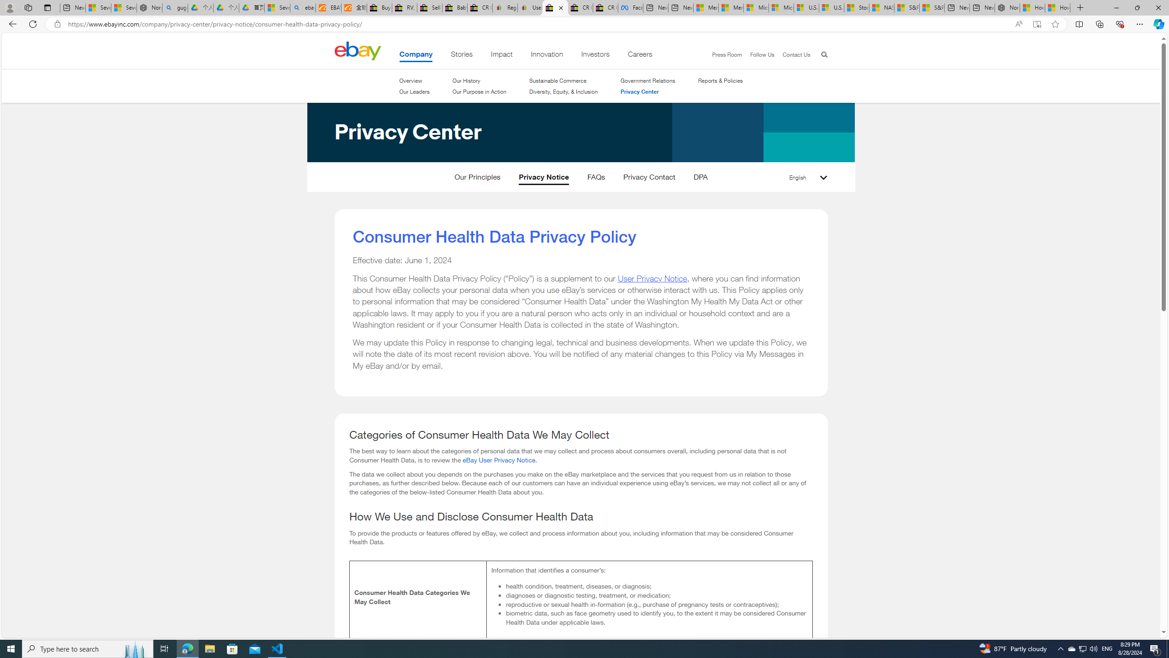  What do you see at coordinates (529, 7) in the screenshot?
I see `'User Privacy Notice | eBay'` at bounding box center [529, 7].